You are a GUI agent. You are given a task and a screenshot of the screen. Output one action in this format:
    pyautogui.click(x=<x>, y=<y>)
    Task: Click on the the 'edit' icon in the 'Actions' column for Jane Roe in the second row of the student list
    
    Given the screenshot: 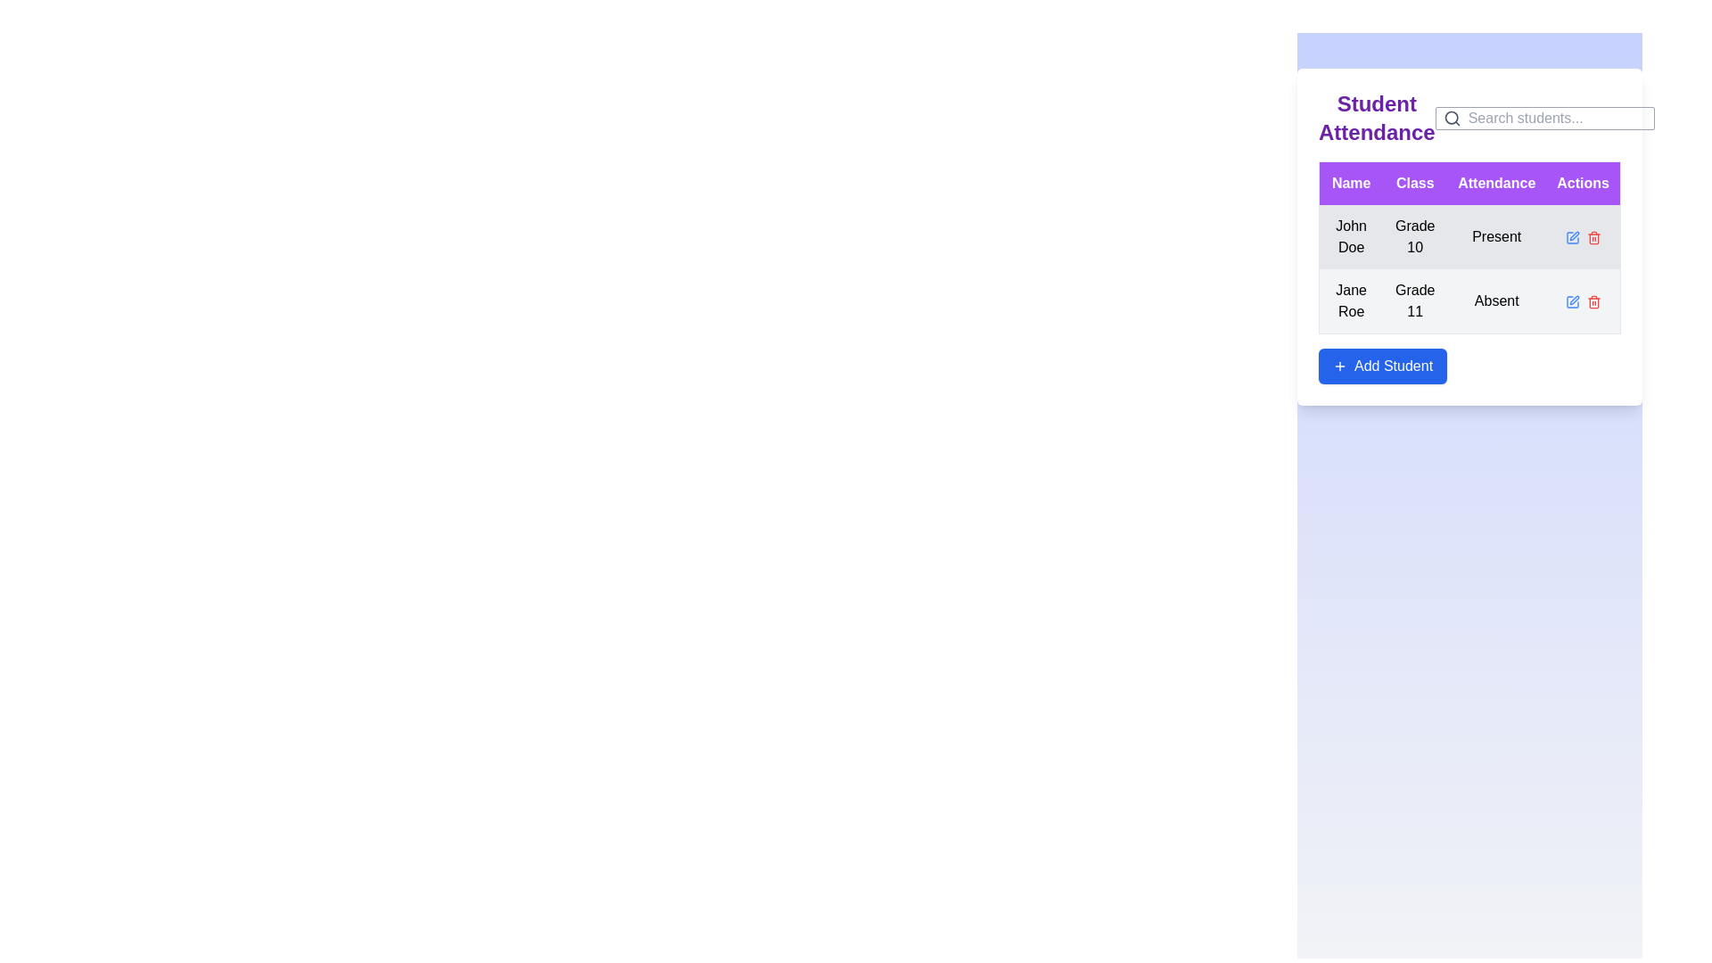 What is the action you would take?
    pyautogui.click(x=1574, y=299)
    